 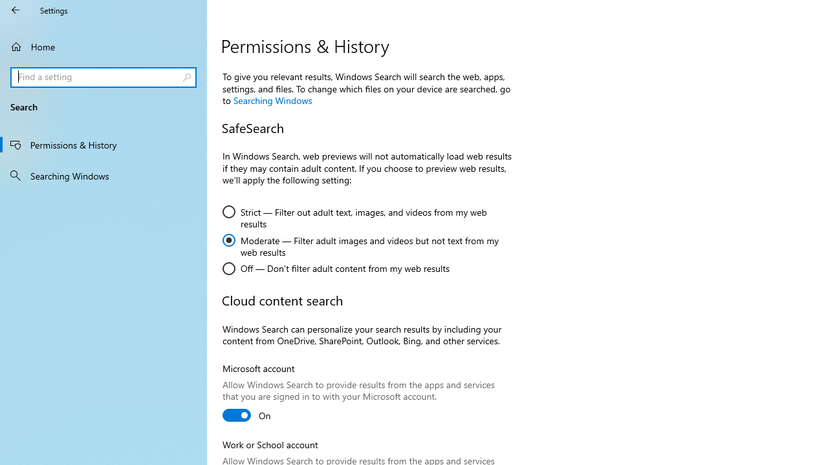 What do you see at coordinates (103, 77) in the screenshot?
I see `'Search box, Find a setting'` at bounding box center [103, 77].